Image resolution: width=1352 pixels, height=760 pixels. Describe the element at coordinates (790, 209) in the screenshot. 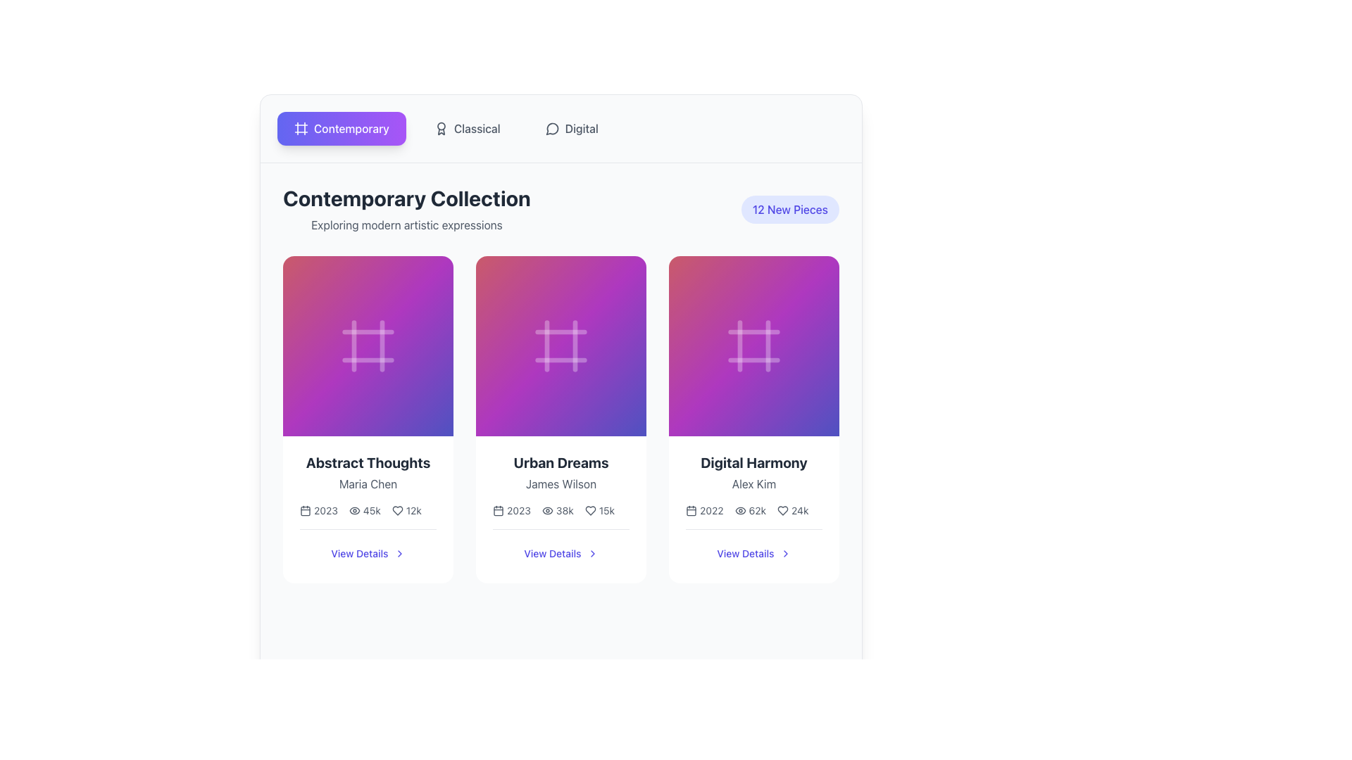

I see `the text label indicating new or updated content in the top-right region near the 'Contemporary Collection' title, which is within a rounded rectangular badge with a light indigo background` at that location.